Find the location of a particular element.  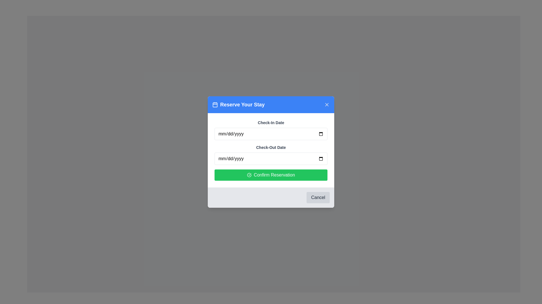

the text input fields labeled 'Check-In Date' and 'Check-Out Date' in the dialog box with rounded corners and a white background to set the dates is located at coordinates (271, 152).